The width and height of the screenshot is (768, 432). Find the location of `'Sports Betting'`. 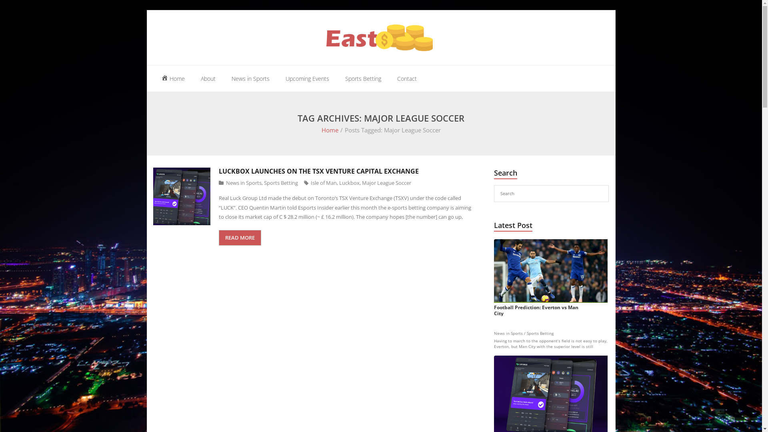

'Sports Betting' is located at coordinates (362, 78).